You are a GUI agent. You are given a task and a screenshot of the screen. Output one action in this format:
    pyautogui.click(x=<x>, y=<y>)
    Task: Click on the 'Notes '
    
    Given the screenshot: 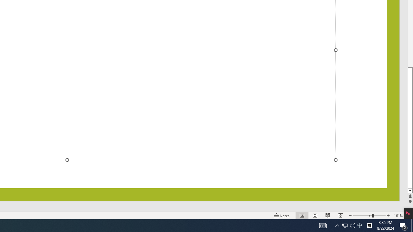 What is the action you would take?
    pyautogui.click(x=282, y=216)
    